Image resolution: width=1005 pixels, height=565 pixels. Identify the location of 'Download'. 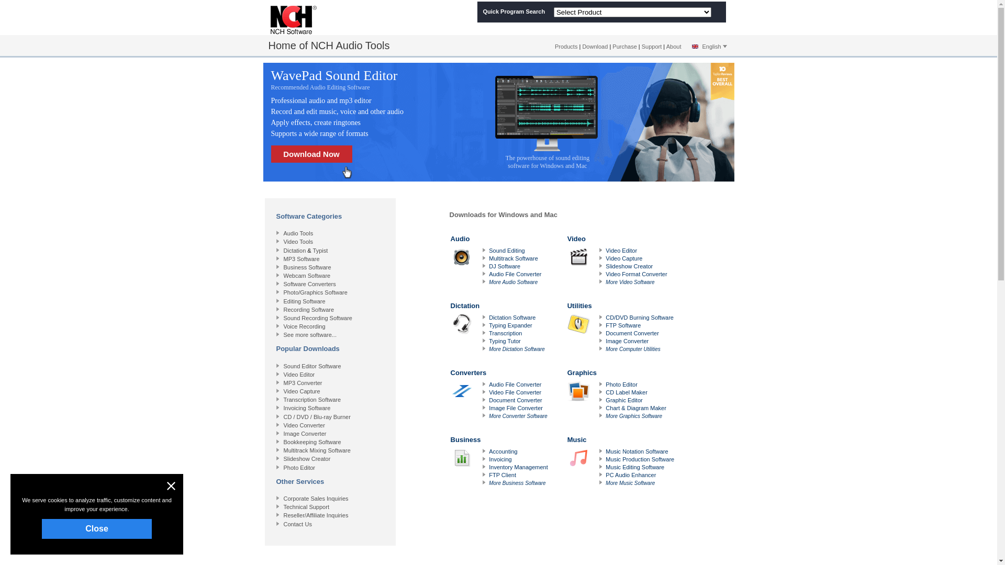
(595, 46).